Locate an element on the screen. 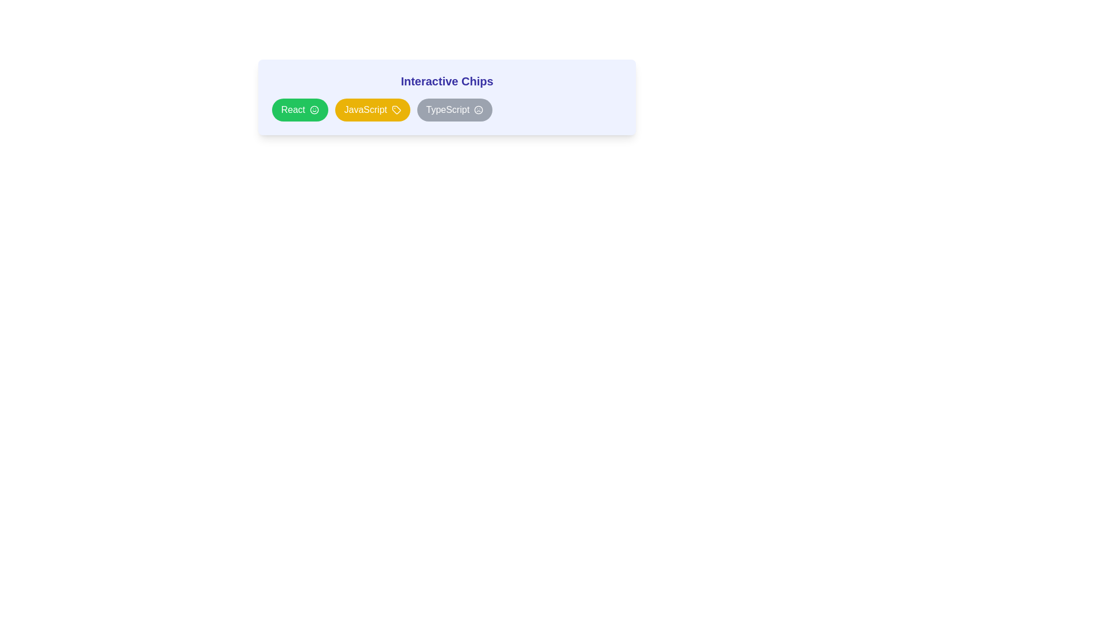 The image size is (1102, 619). the largest circular SVG element located at the center of the icon interface is located at coordinates (314, 110).